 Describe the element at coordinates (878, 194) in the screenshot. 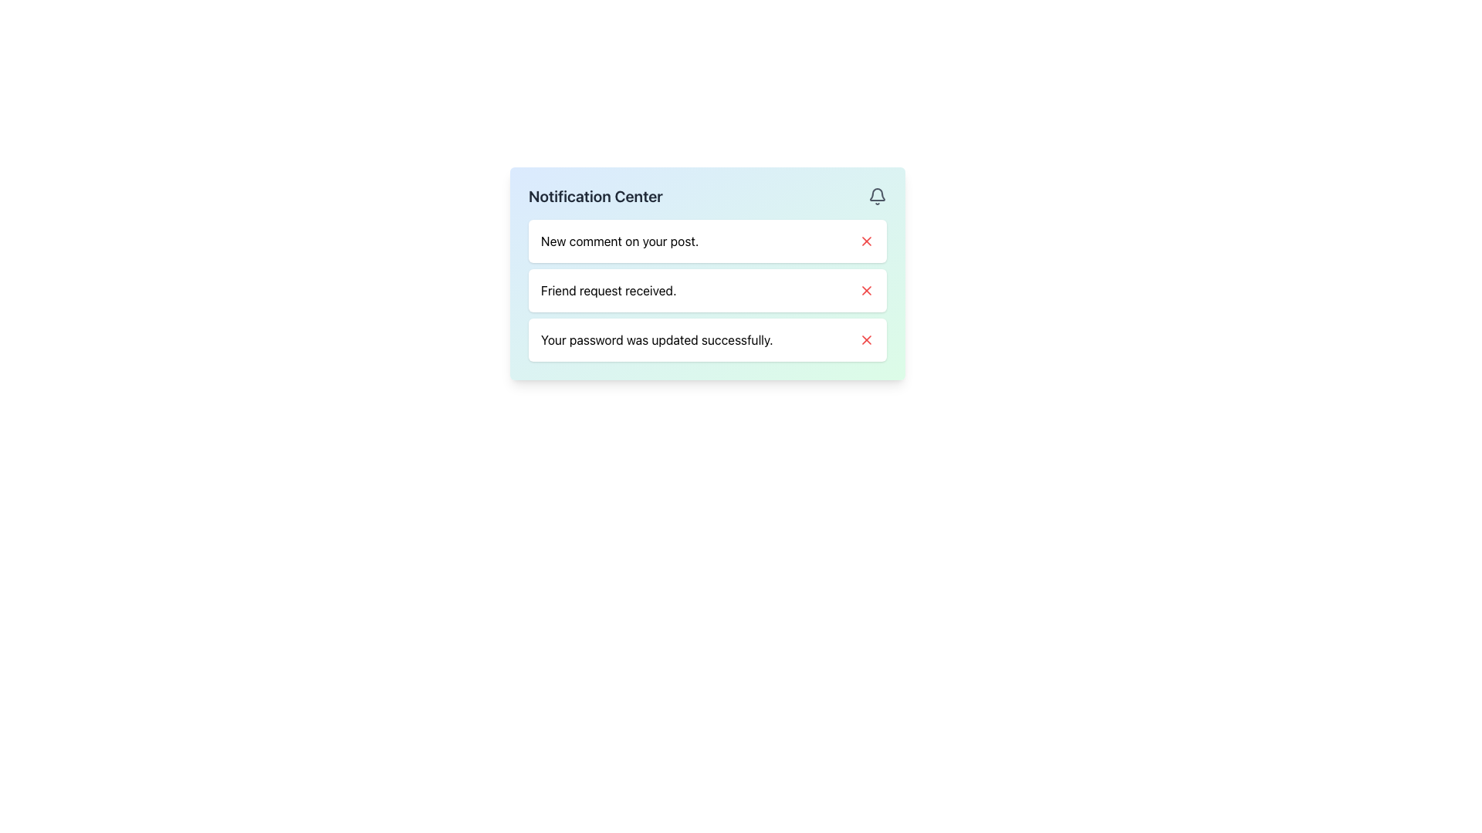

I see `the bell-shaped notification icon located at the top right corner of the notification panel` at that location.